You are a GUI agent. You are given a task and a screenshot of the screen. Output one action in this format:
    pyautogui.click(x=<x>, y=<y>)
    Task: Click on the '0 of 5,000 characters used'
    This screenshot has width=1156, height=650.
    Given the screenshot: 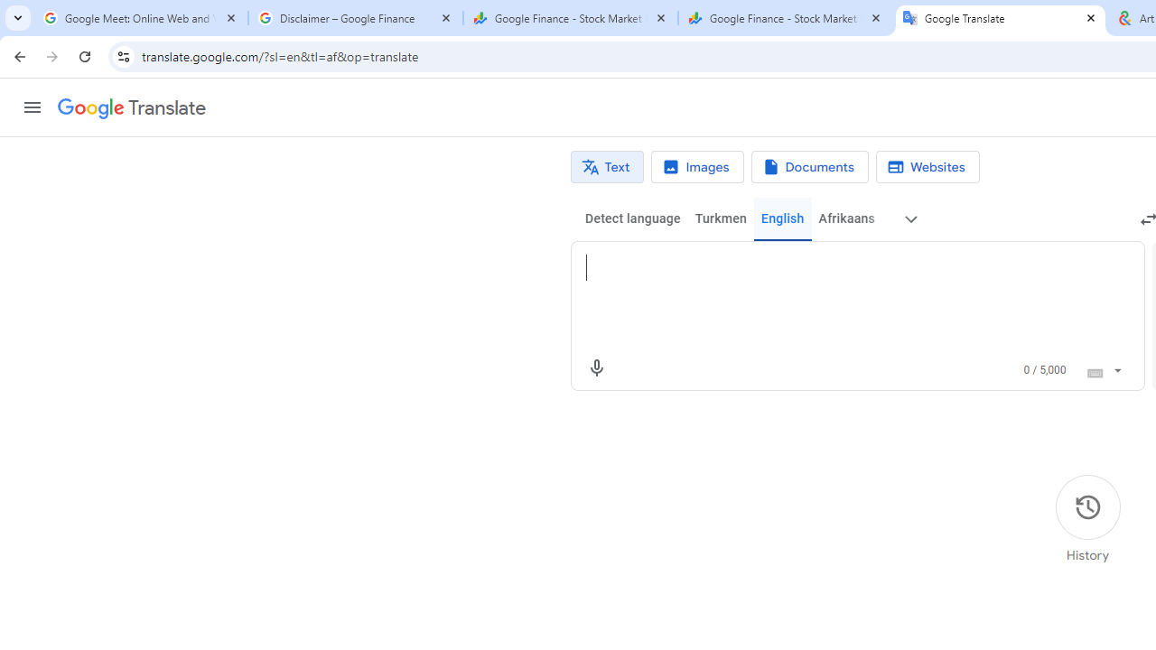 What is the action you would take?
    pyautogui.click(x=1045, y=369)
    